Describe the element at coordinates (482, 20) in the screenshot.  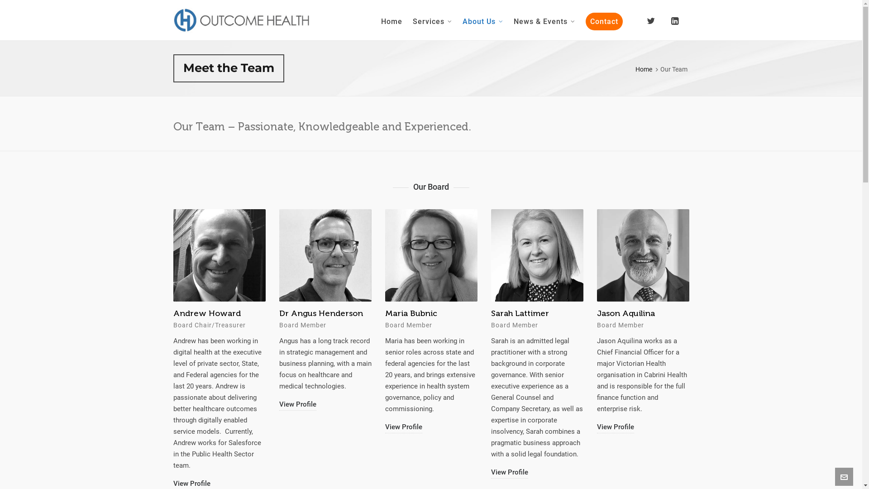
I see `'About Us'` at that location.